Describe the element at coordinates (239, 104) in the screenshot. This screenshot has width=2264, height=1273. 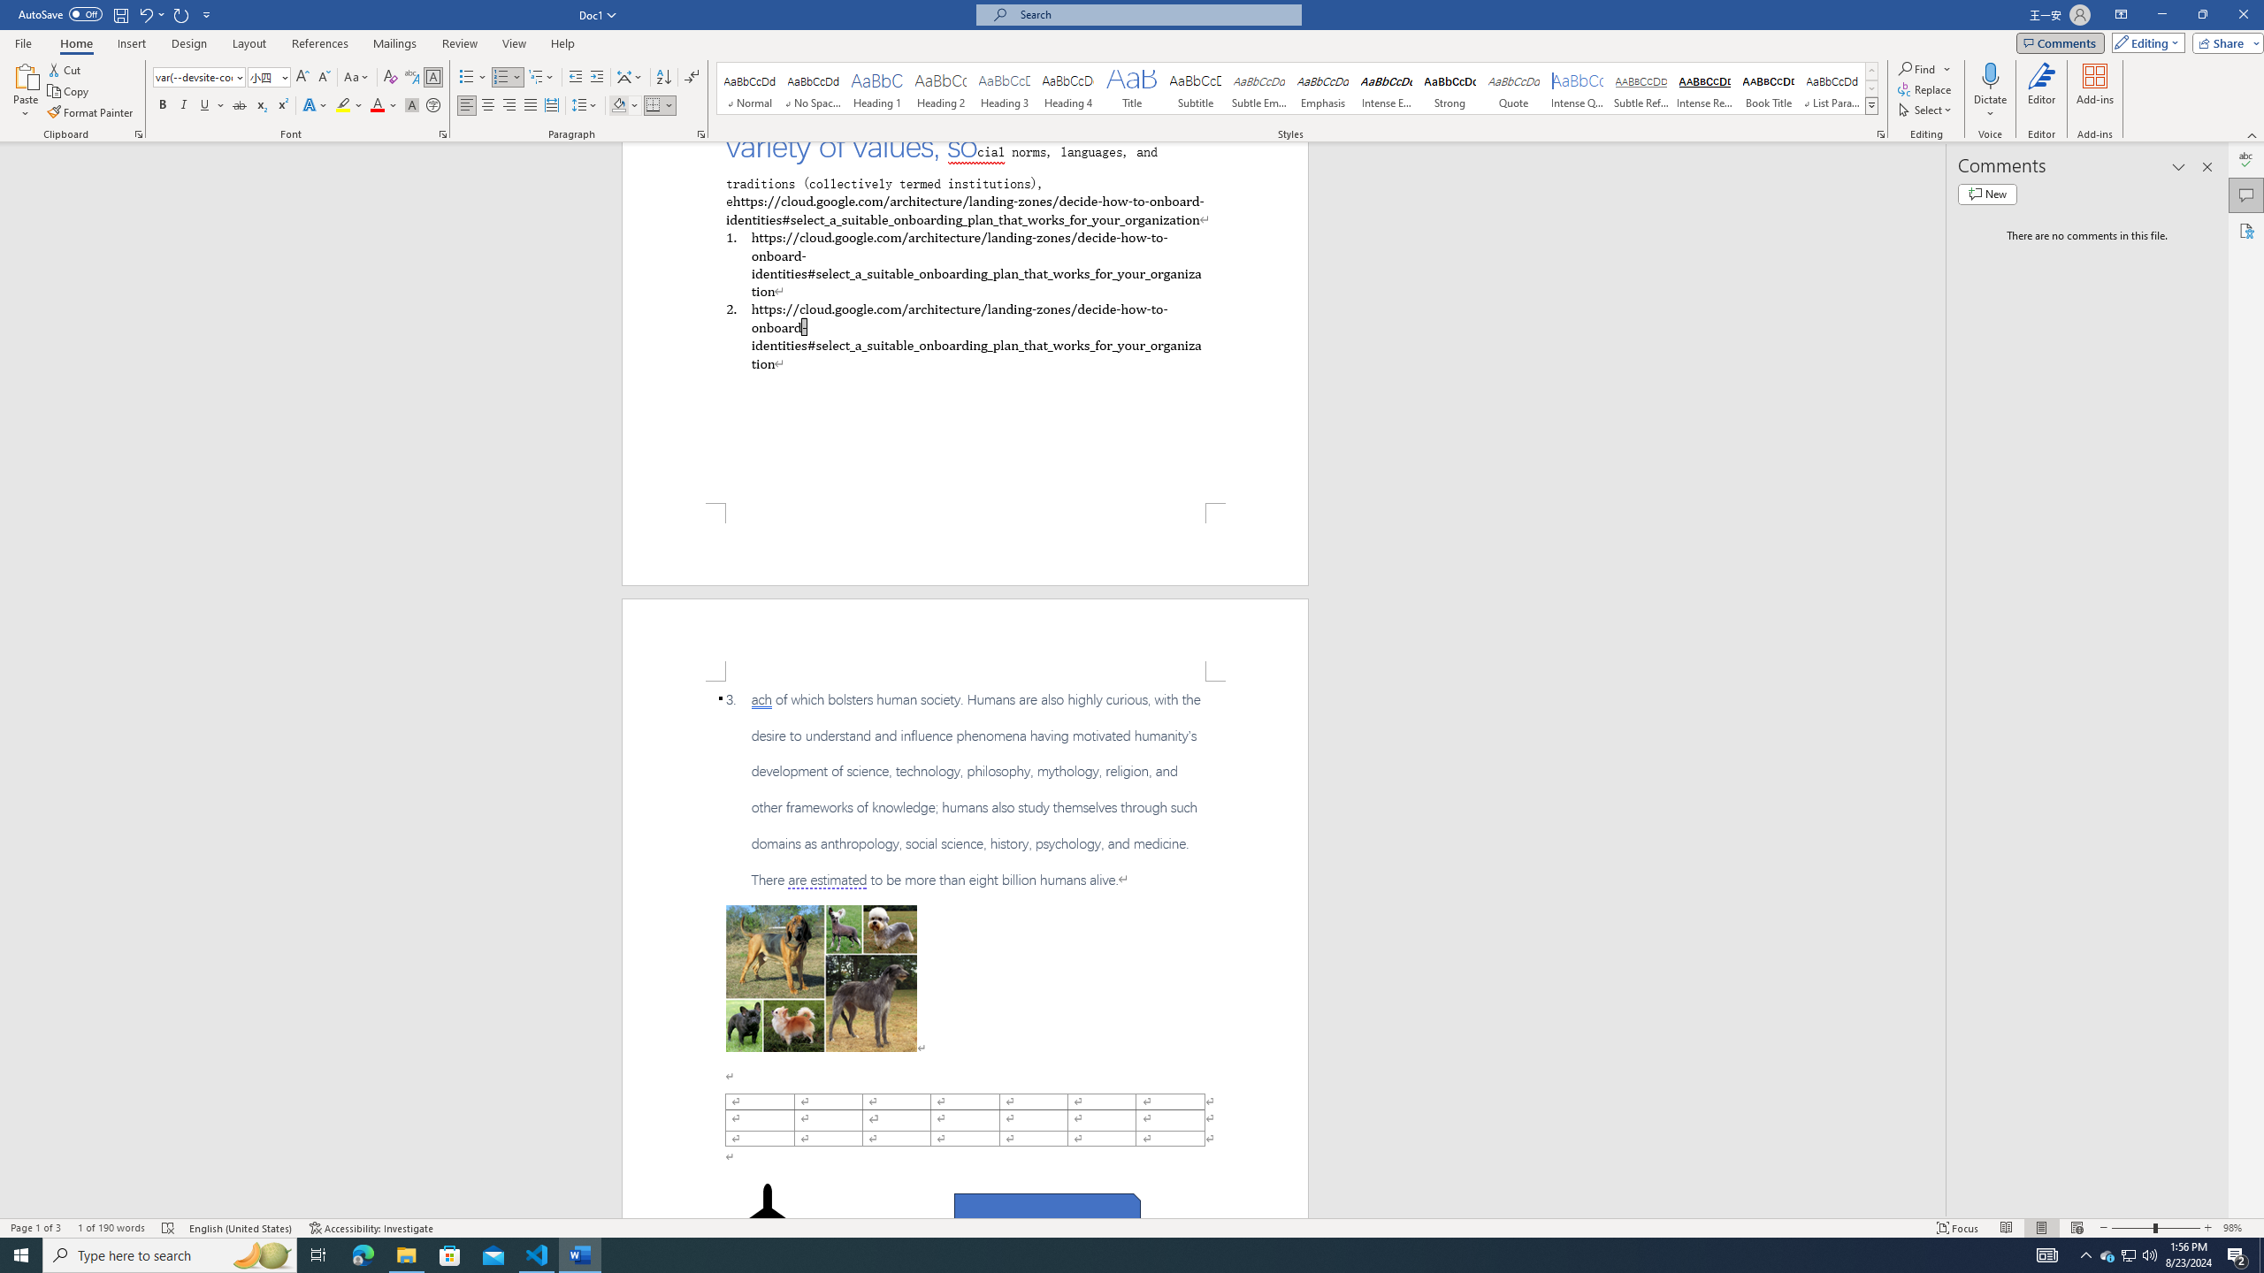
I see `'Strikethrough'` at that location.